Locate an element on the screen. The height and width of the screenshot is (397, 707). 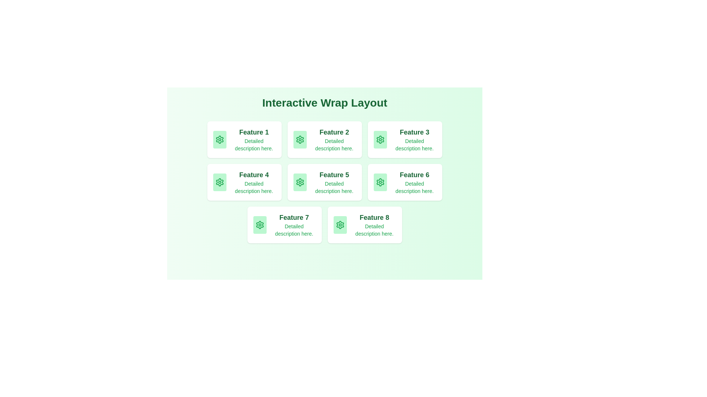
information displayed in the Text Block titled 'Feature 1' located in the first cell of the grid layout is located at coordinates (254, 140).